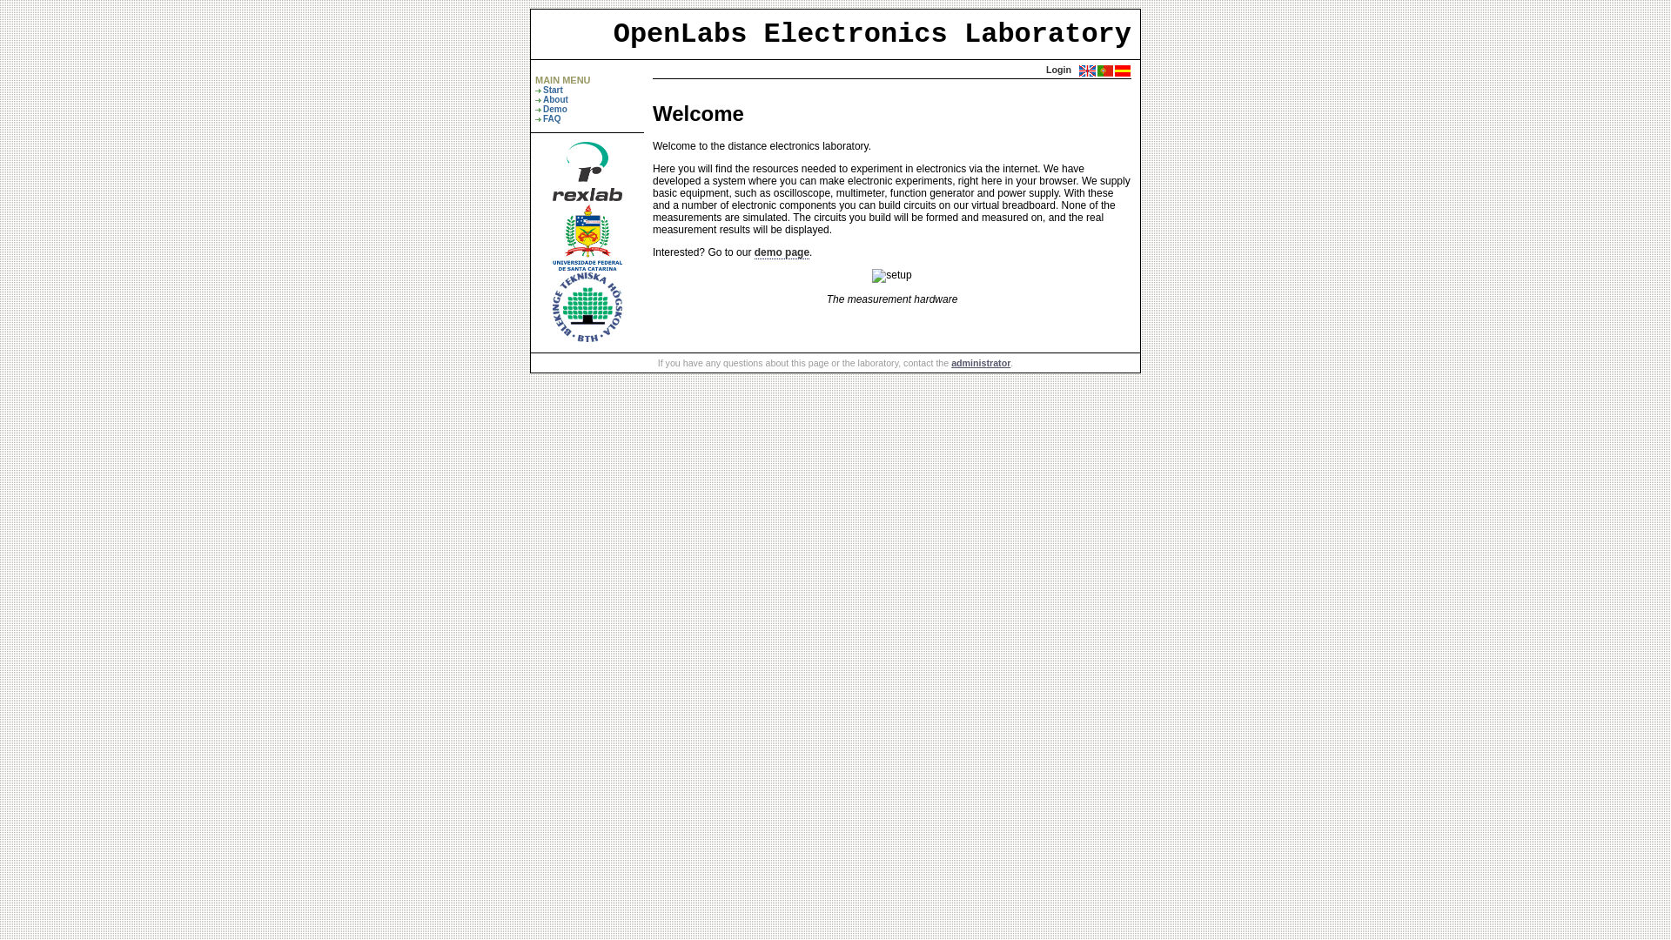 Image resolution: width=1671 pixels, height=940 pixels. Describe the element at coordinates (563, 80) in the screenshot. I see `'MAIN MENU'` at that location.